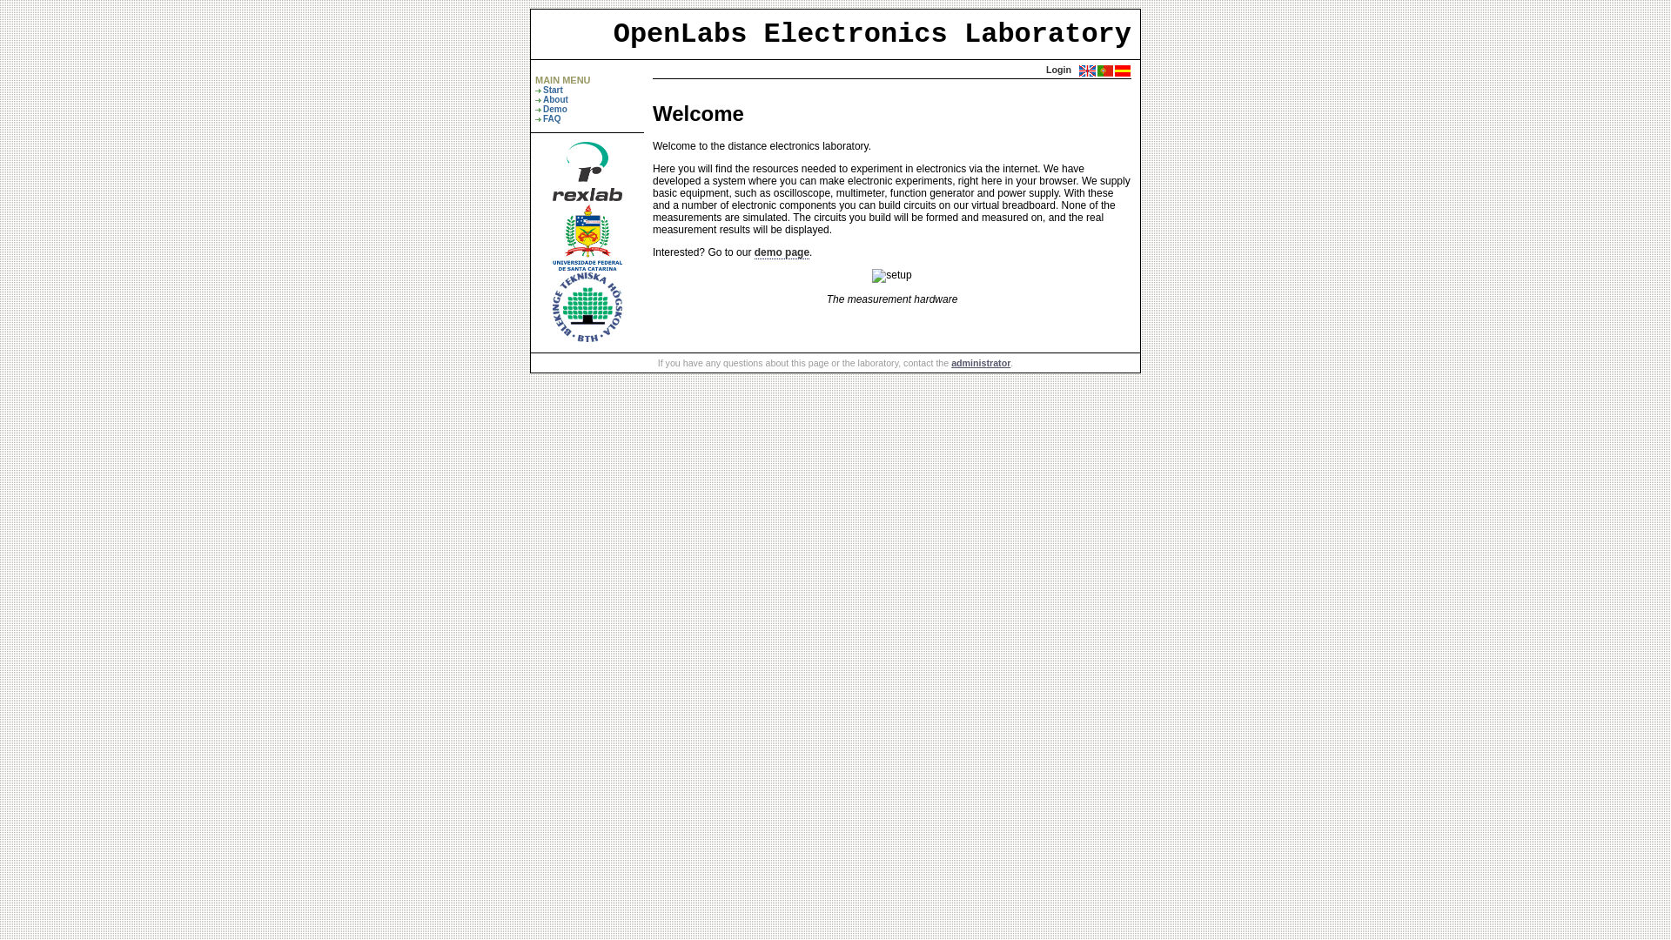 Image resolution: width=1671 pixels, height=940 pixels. Describe the element at coordinates (563, 80) in the screenshot. I see `'MAIN MENU'` at that location.